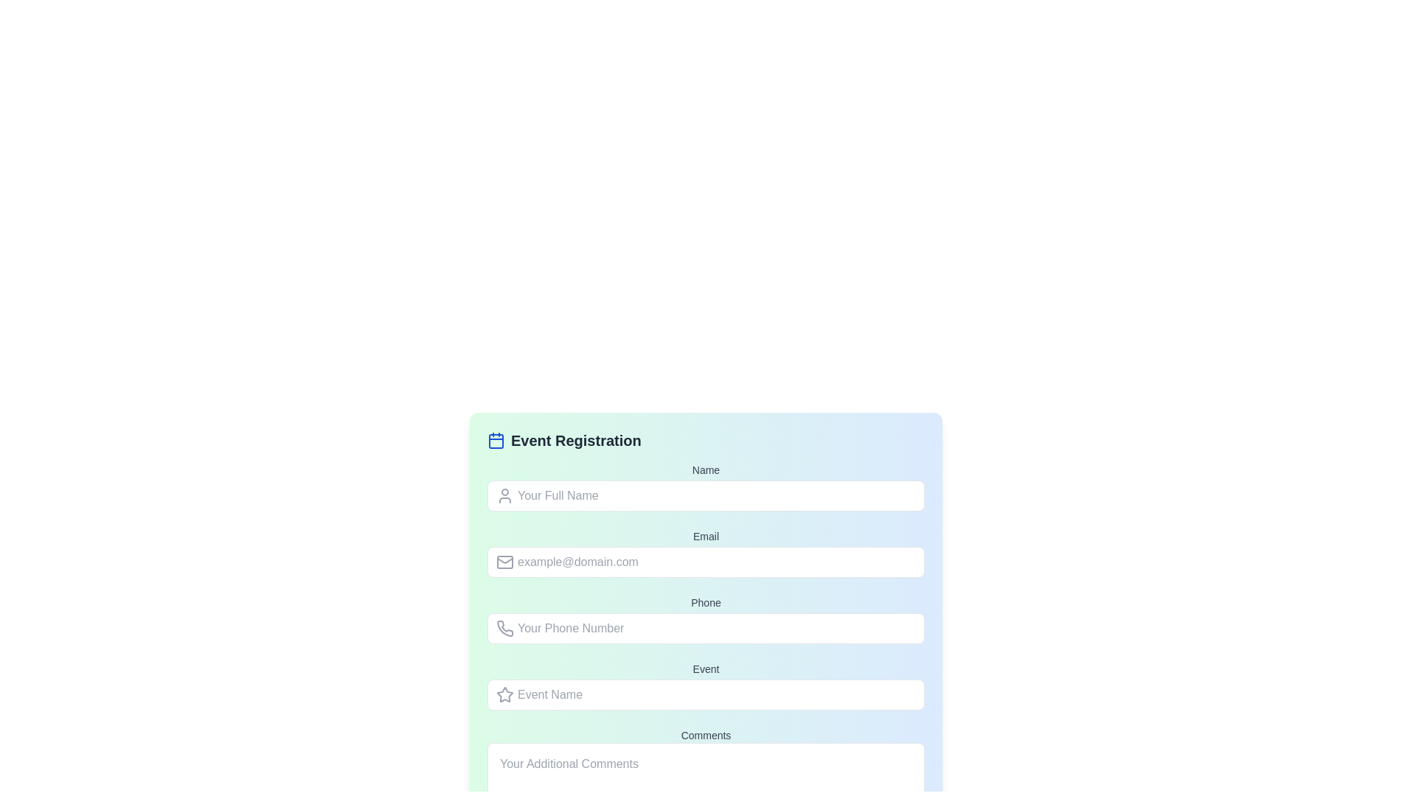 This screenshot has width=1416, height=796. What do you see at coordinates (505, 694) in the screenshot?
I see `the gray star-shaped icon located to the left of the 'Event Name' text field in the event registration form` at bounding box center [505, 694].